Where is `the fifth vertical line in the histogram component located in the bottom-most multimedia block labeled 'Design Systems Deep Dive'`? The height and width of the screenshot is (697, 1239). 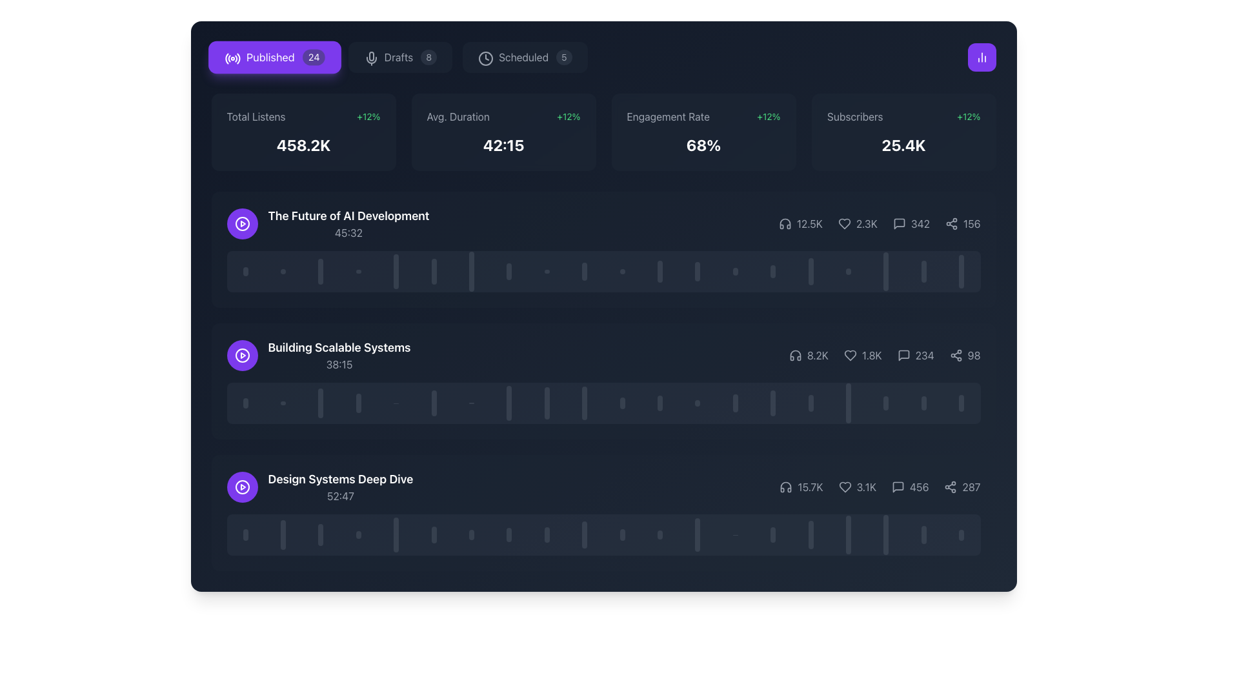
the fifth vertical line in the histogram component located in the bottom-most multimedia block labeled 'Design Systems Deep Dive' is located at coordinates (396, 535).